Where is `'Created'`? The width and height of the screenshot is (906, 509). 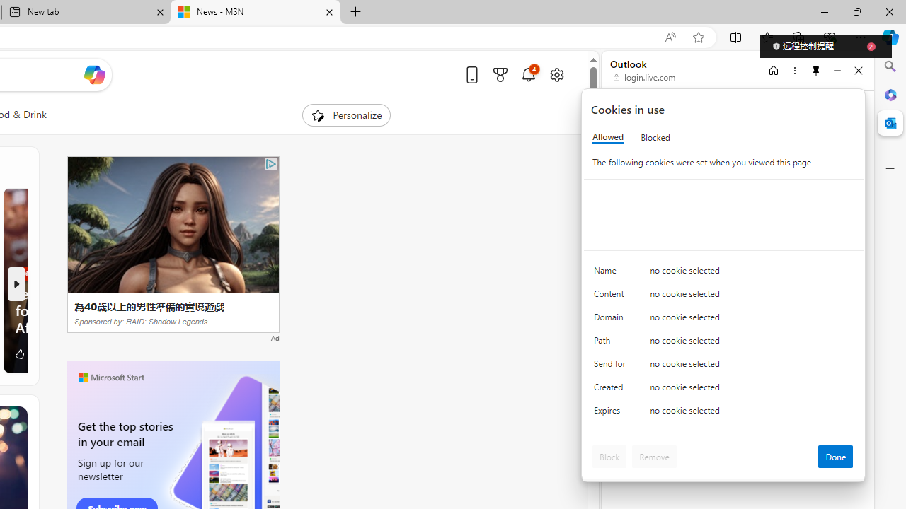
'Created' is located at coordinates (612, 390).